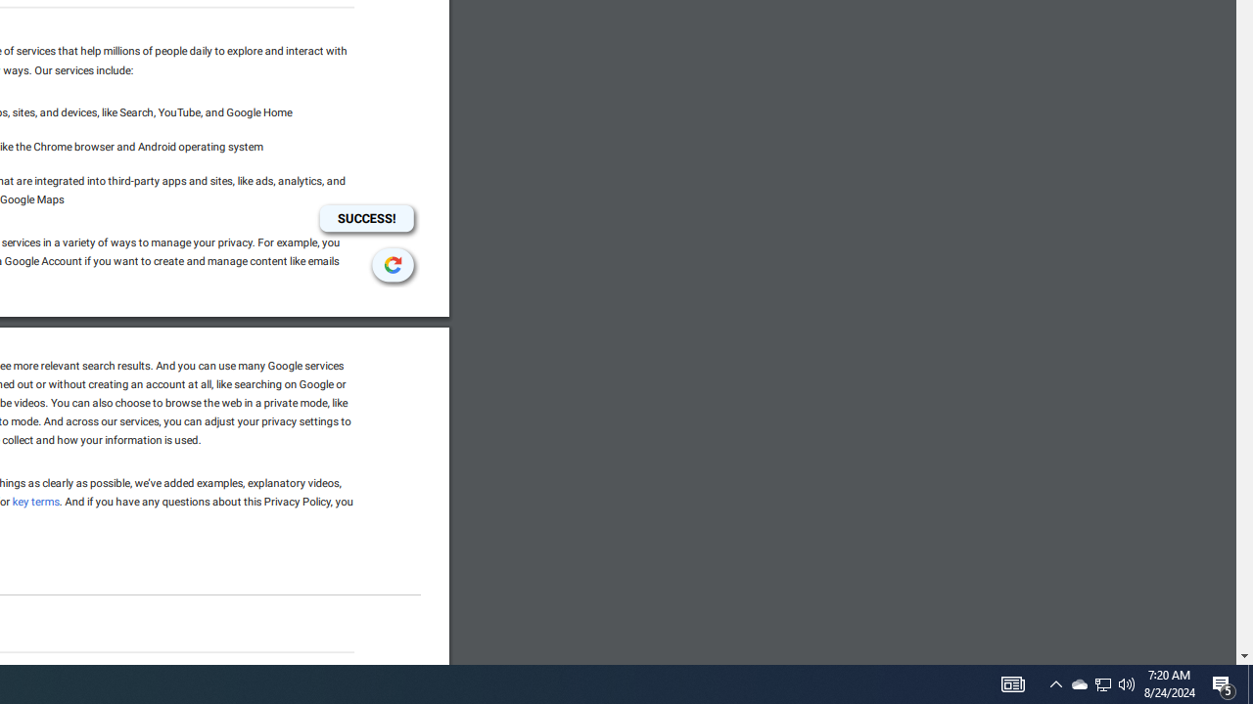 This screenshot has width=1253, height=704. What do you see at coordinates (35, 501) in the screenshot?
I see `'key terms'` at bounding box center [35, 501].